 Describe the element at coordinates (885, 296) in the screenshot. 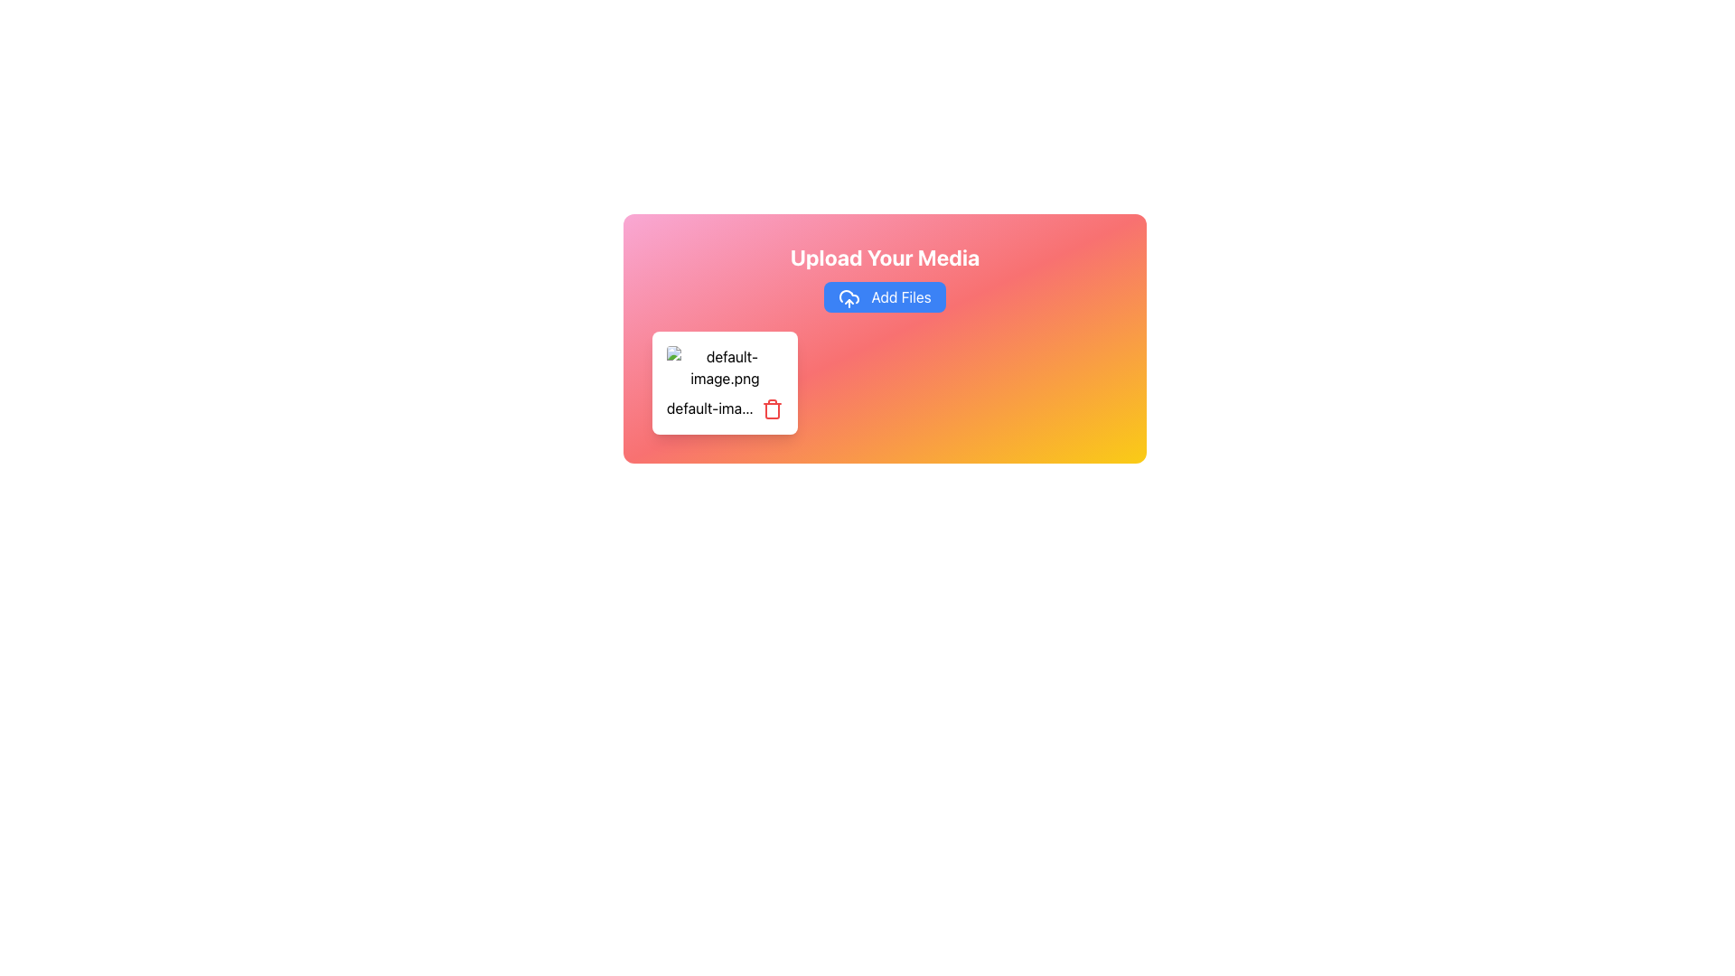

I see `the 'Add Files' button, which has a vibrant blue background and a white text label` at that location.